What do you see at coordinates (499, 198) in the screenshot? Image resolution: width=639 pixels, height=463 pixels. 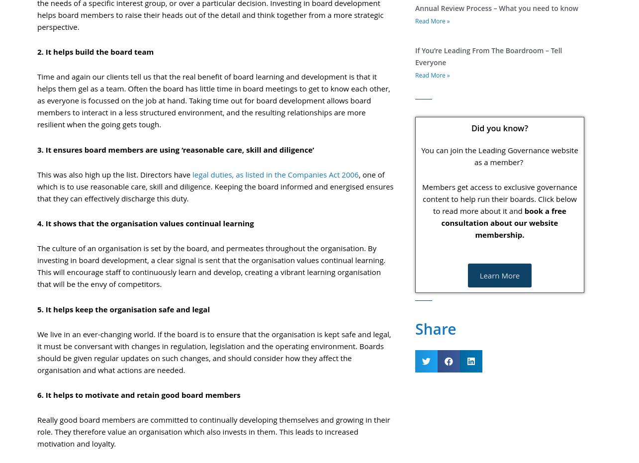 I see `'Members get access to exclusive governance content to help run their boards. Click below to read more about it and'` at bounding box center [499, 198].